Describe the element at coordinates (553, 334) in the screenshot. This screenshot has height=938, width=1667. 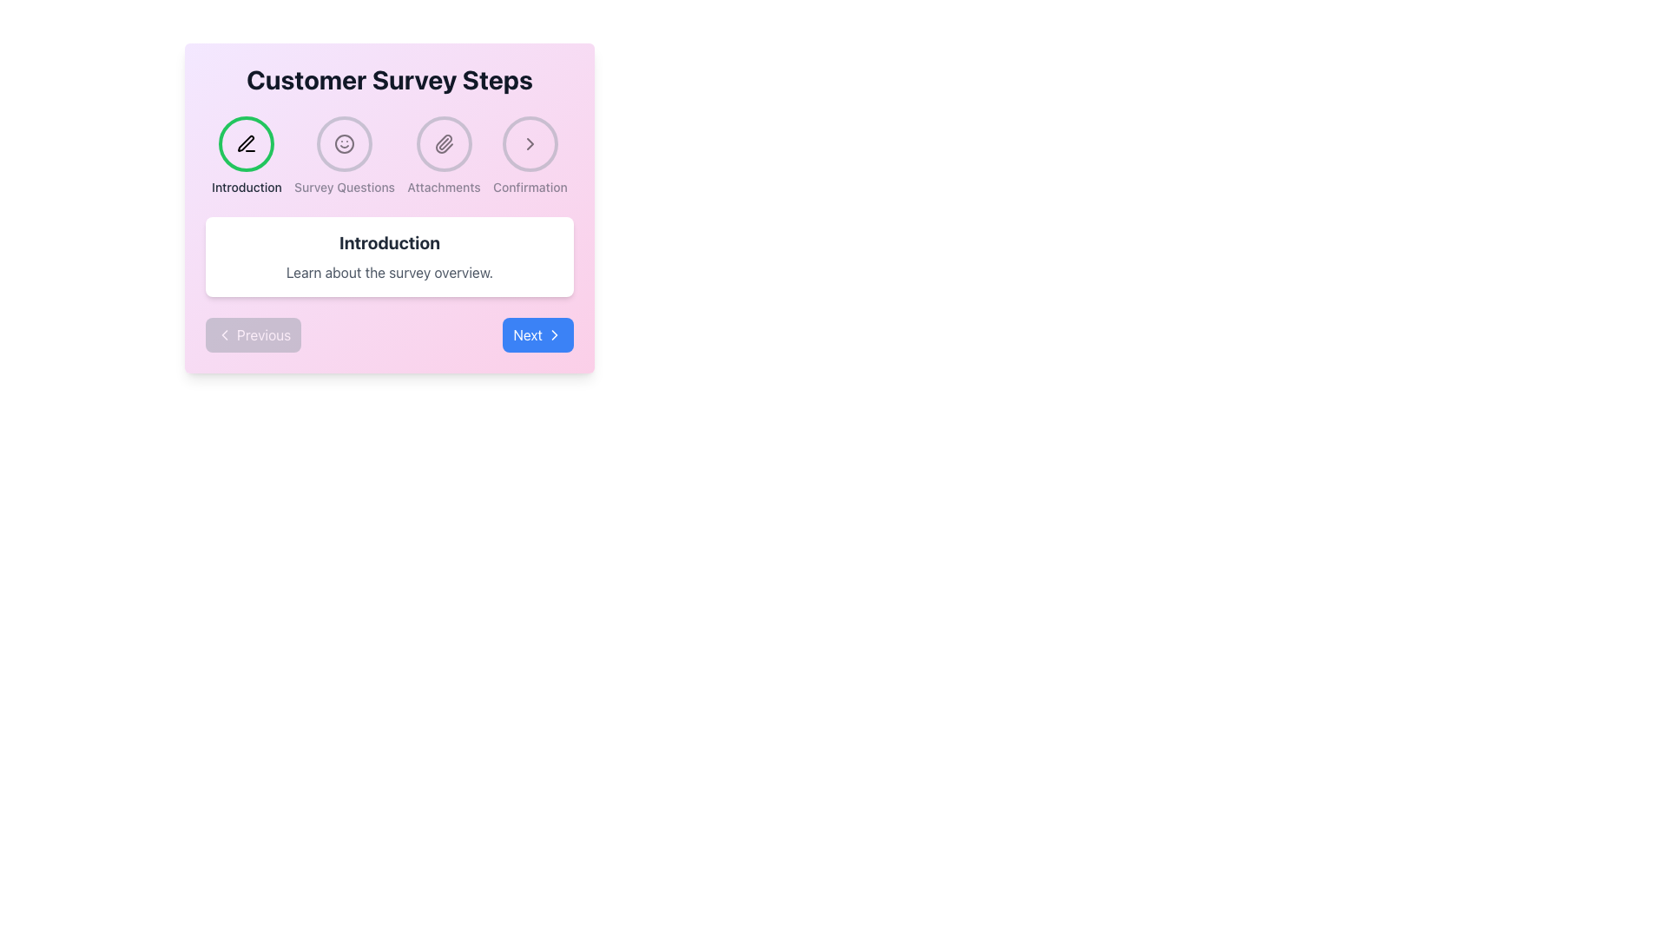
I see `the 'Next' button located in the bottom-right corner of the interface, which contains a right-facing chevron arrow rendered in an outlined style` at that location.